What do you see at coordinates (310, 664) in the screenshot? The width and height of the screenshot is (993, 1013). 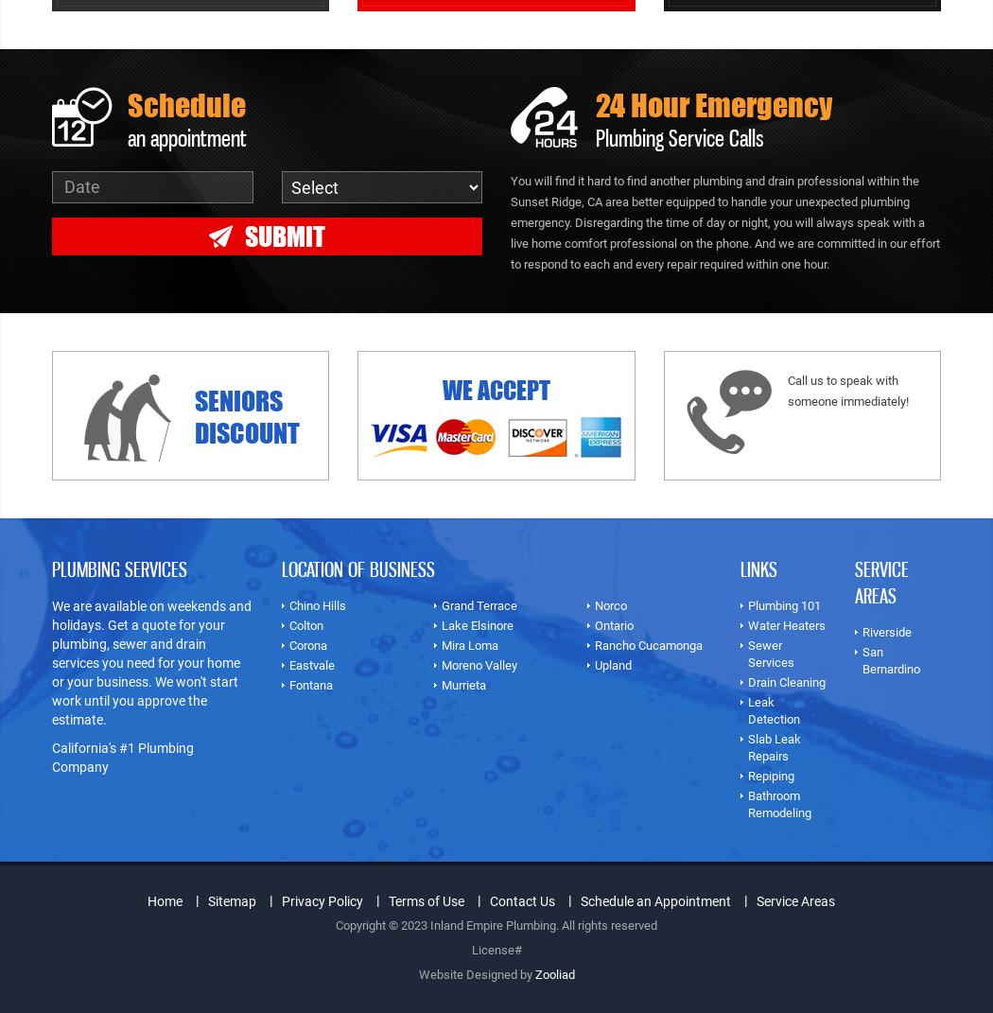 I see `'Eastvale'` at bounding box center [310, 664].